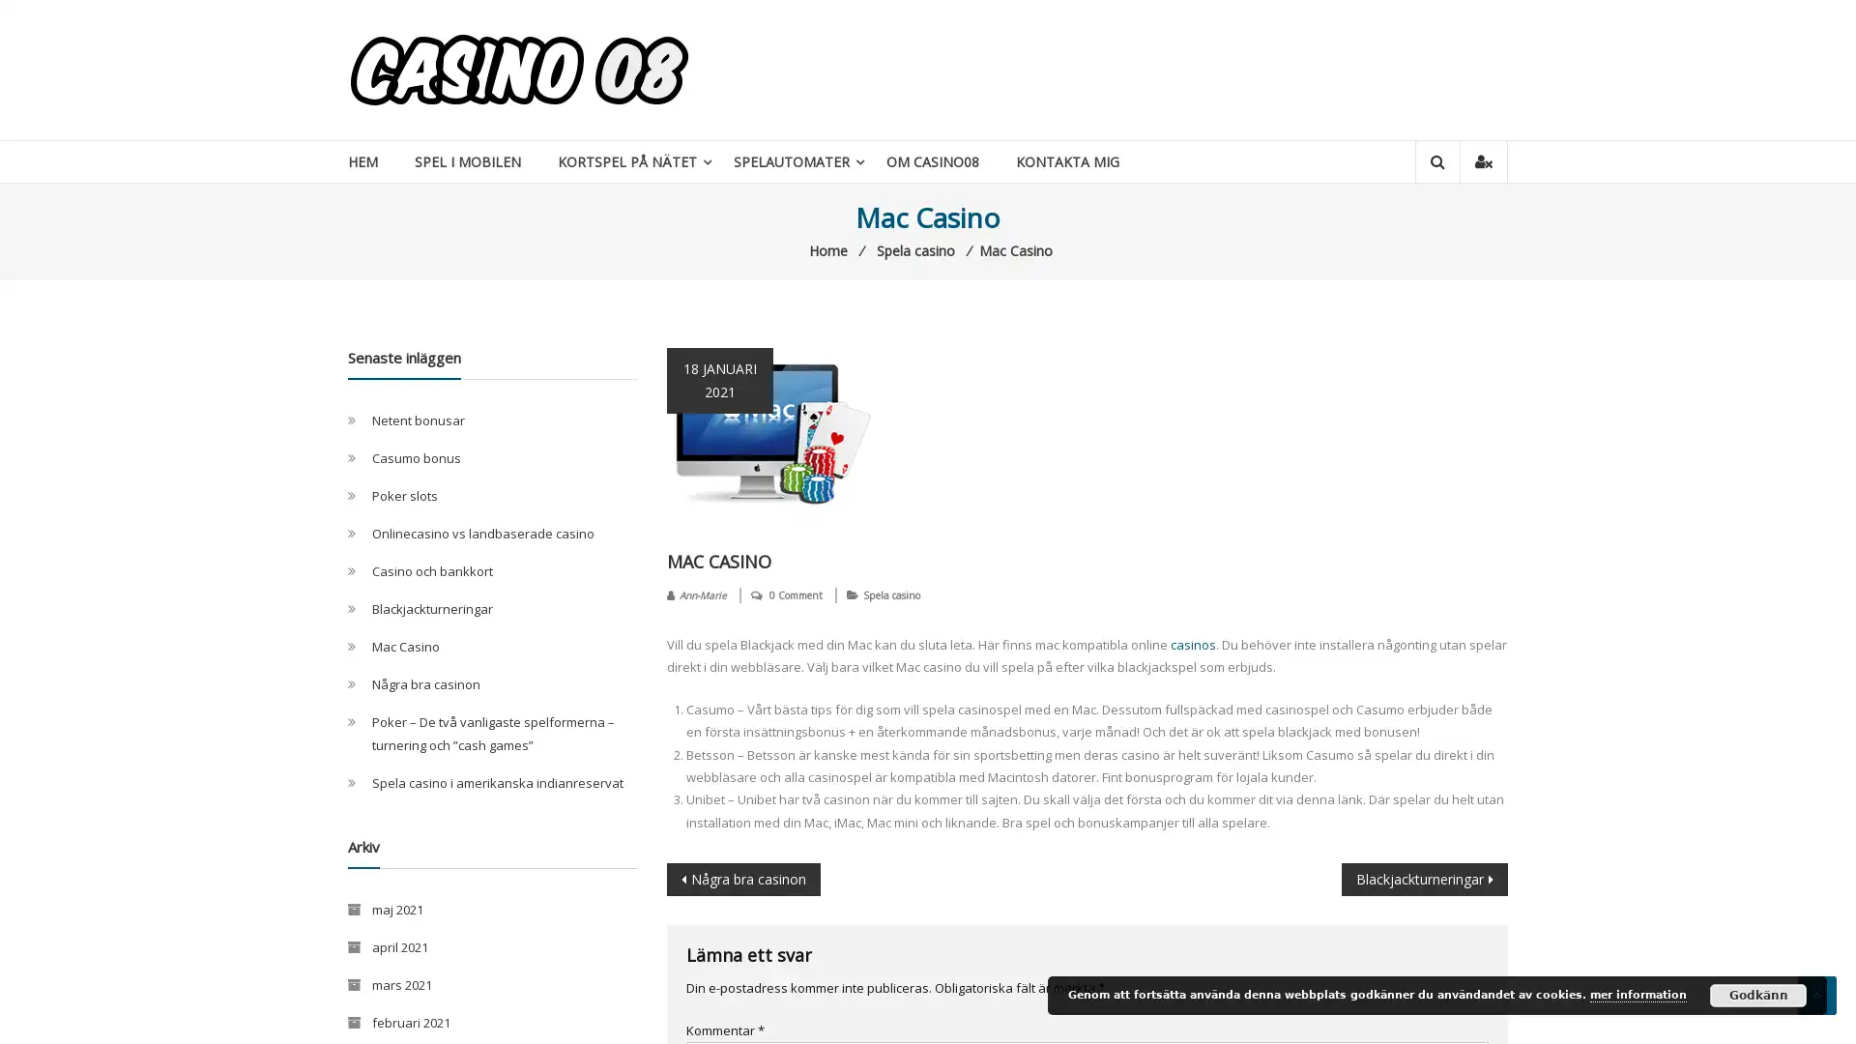 The height and width of the screenshot is (1044, 1856). I want to click on Godkann, so click(1758, 995).